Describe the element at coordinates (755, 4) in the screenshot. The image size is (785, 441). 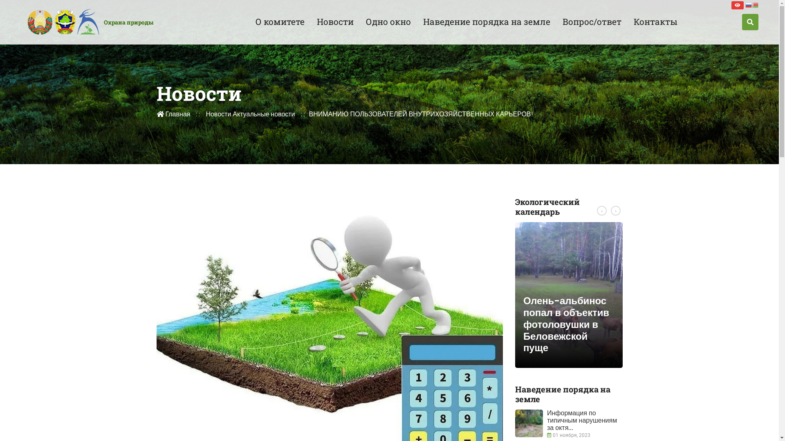
I see `'Belarusian'` at that location.